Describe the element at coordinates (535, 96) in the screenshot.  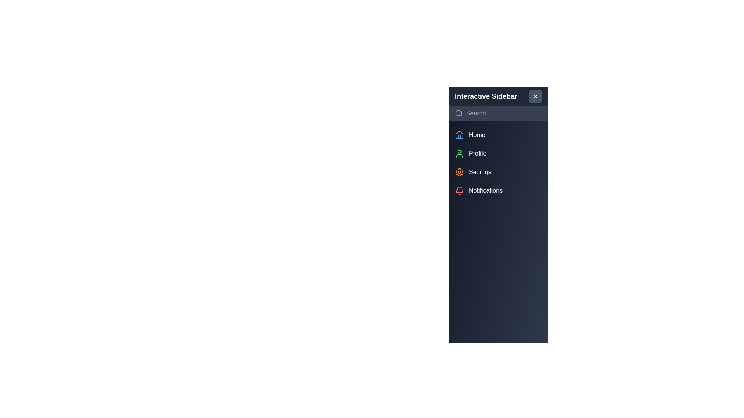
I see `the close button icon located in the top-right corner of the sidebar's header` at that location.